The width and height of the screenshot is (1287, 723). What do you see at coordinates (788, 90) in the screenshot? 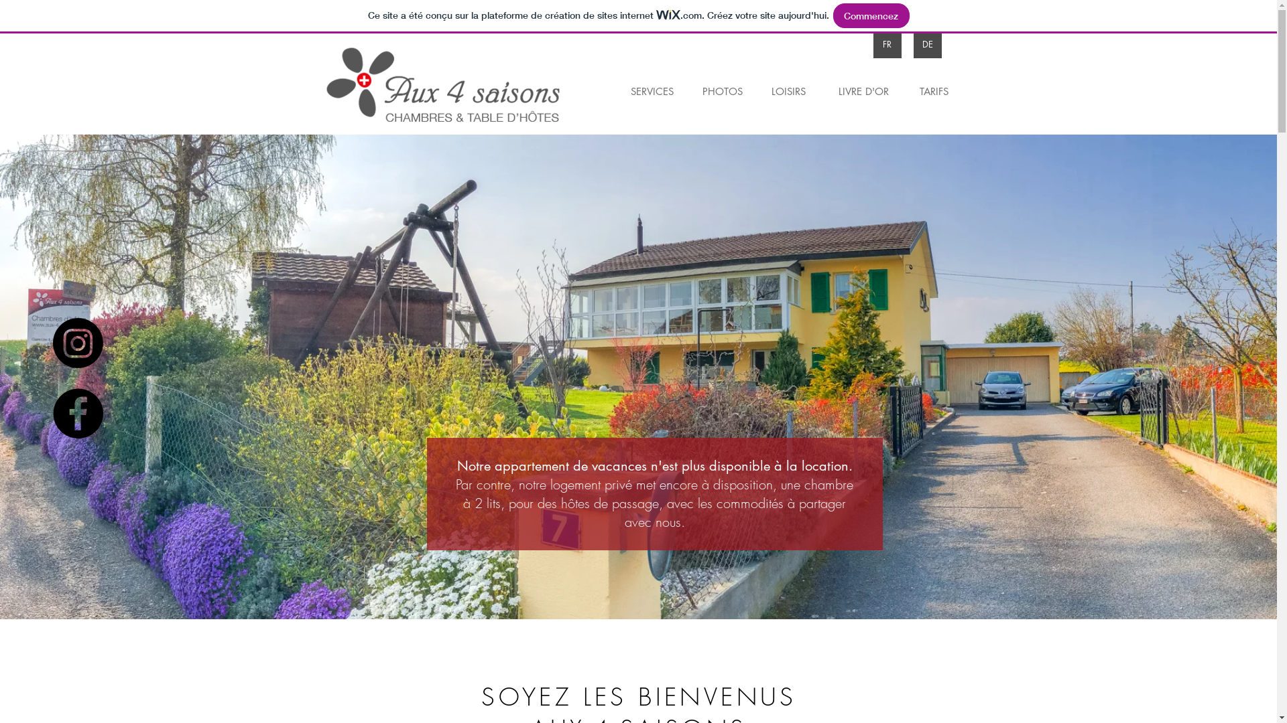
I see `'LOISIRS'` at bounding box center [788, 90].